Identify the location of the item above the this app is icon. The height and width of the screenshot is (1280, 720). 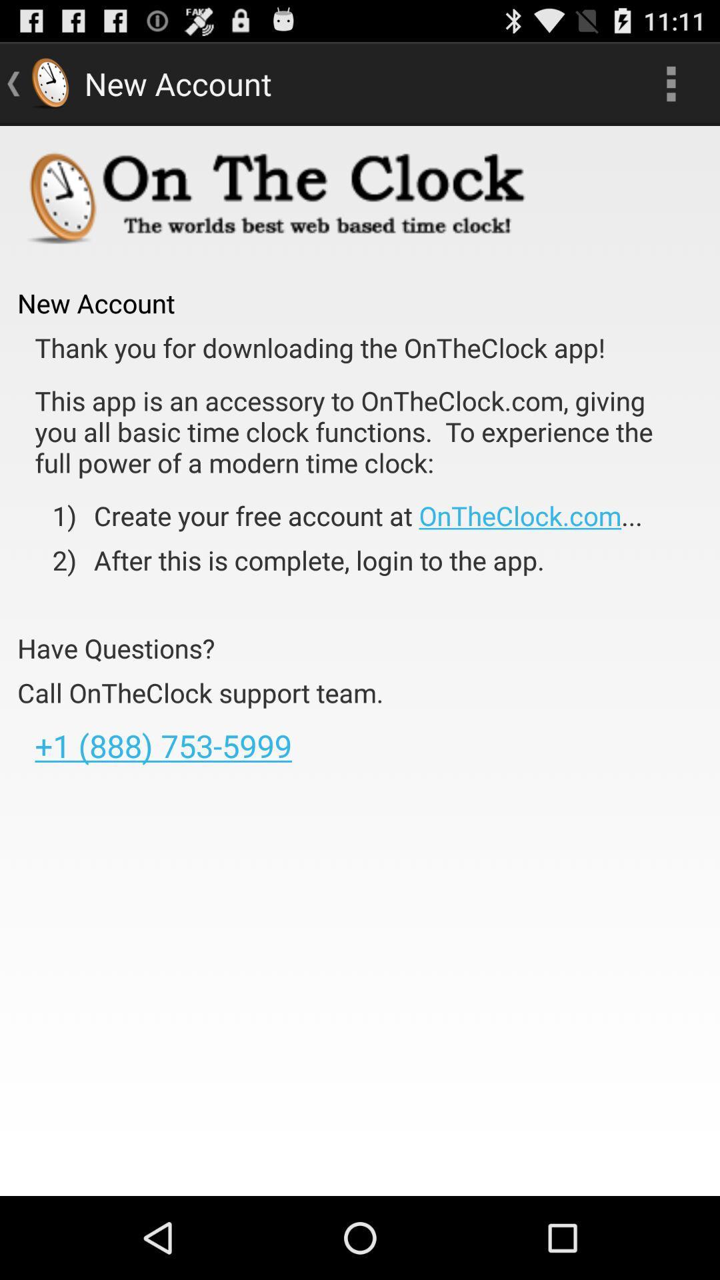
(320, 347).